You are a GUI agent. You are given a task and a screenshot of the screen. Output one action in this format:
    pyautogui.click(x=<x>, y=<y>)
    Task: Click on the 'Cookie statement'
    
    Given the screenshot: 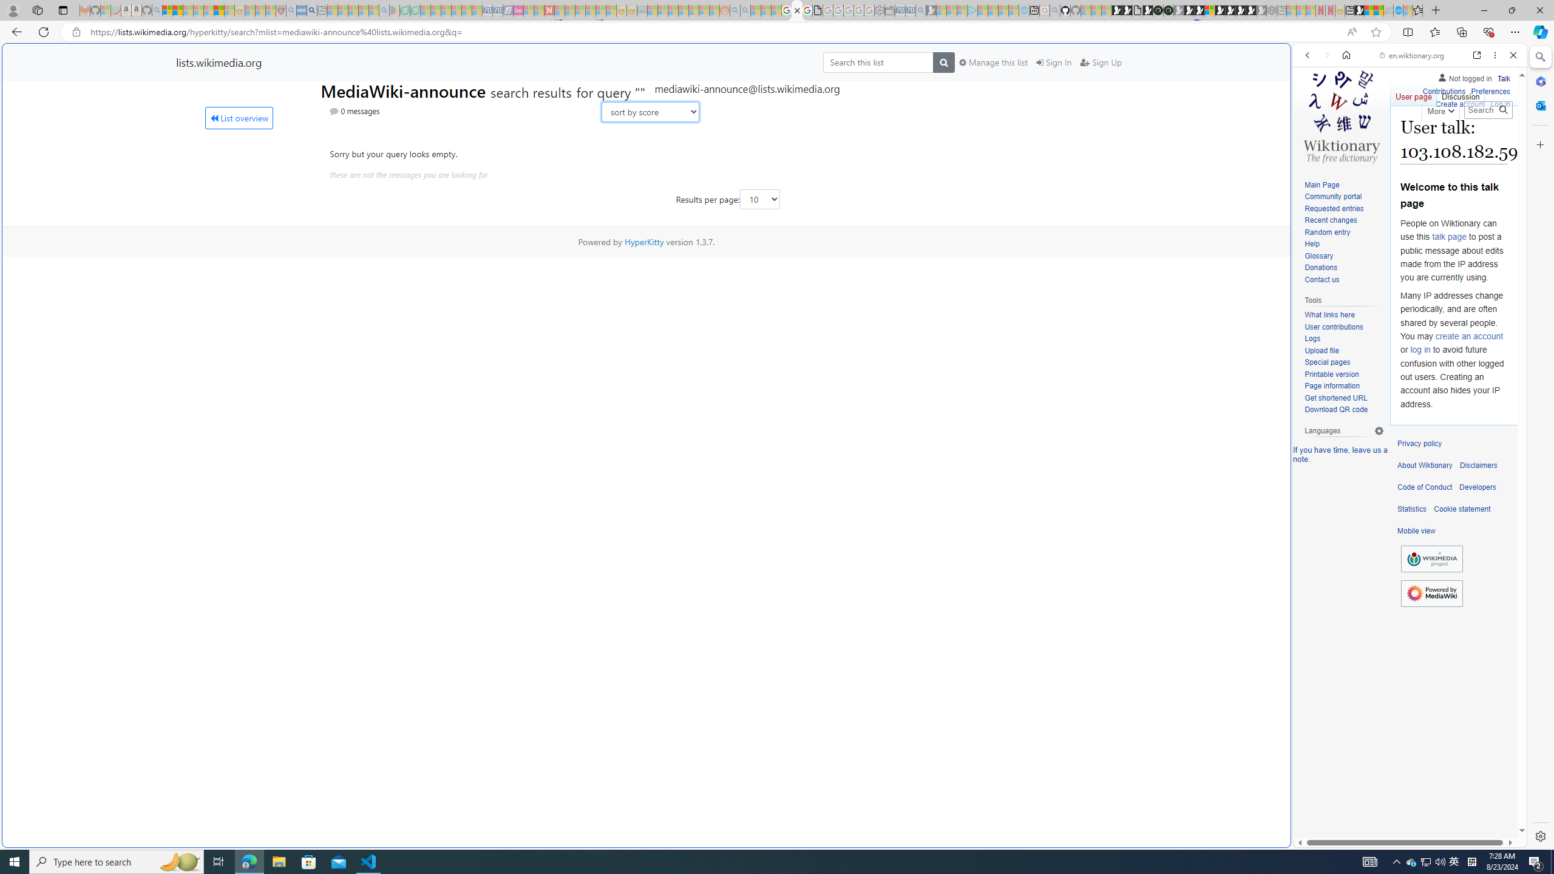 What is the action you would take?
    pyautogui.click(x=1462, y=509)
    